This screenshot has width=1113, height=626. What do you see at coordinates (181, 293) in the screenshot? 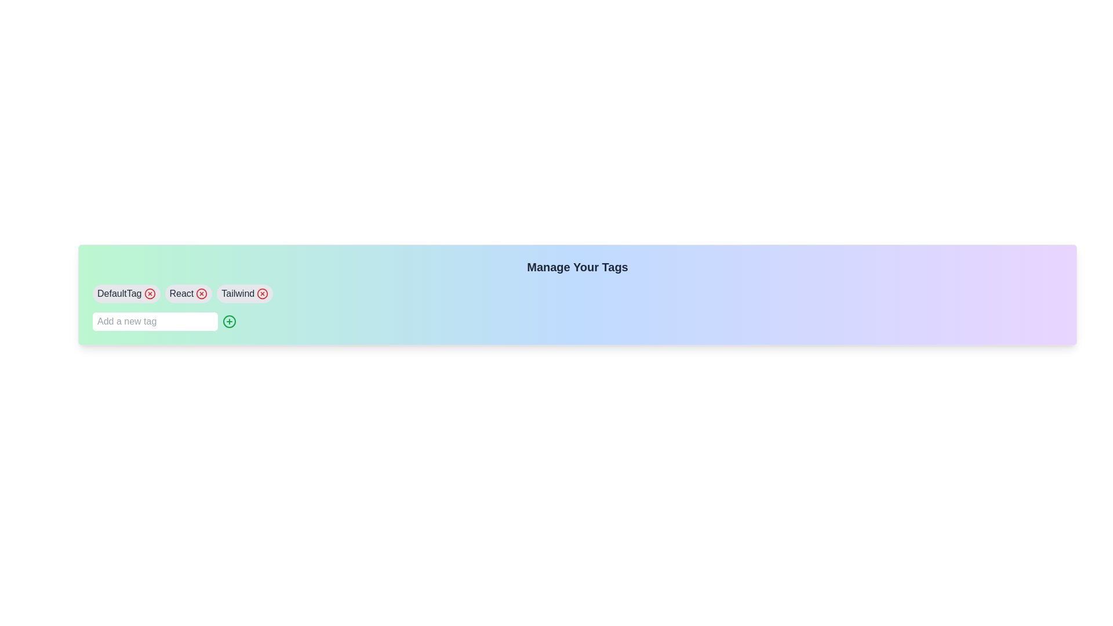
I see `the static text label 'React' which is styled in a sans-serif font and appears in a tag-like UI with rounded corners and a gray background` at bounding box center [181, 293].